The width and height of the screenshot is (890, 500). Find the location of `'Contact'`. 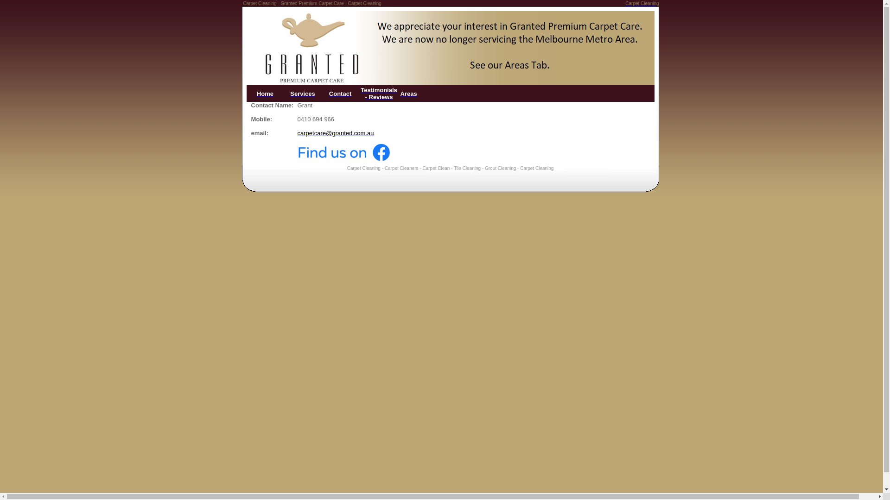

'Contact' is located at coordinates (340, 93).